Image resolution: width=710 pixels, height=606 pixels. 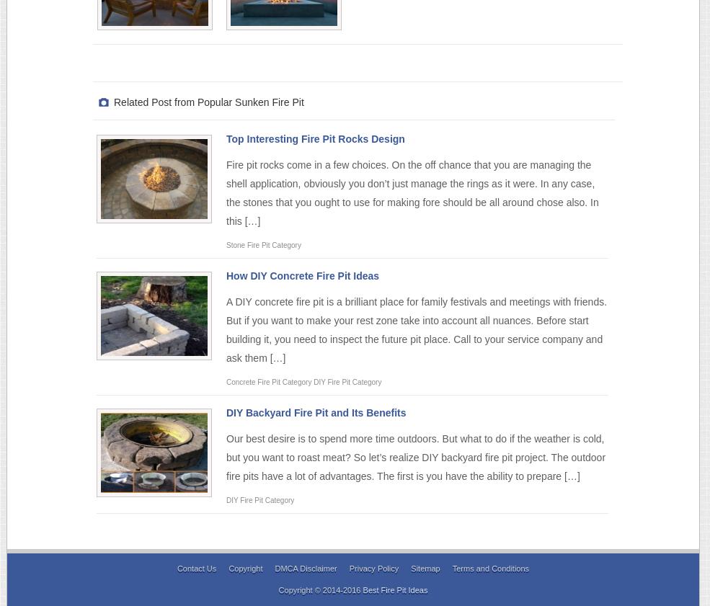 What do you see at coordinates (348, 568) in the screenshot?
I see `'Privacy Policy'` at bounding box center [348, 568].